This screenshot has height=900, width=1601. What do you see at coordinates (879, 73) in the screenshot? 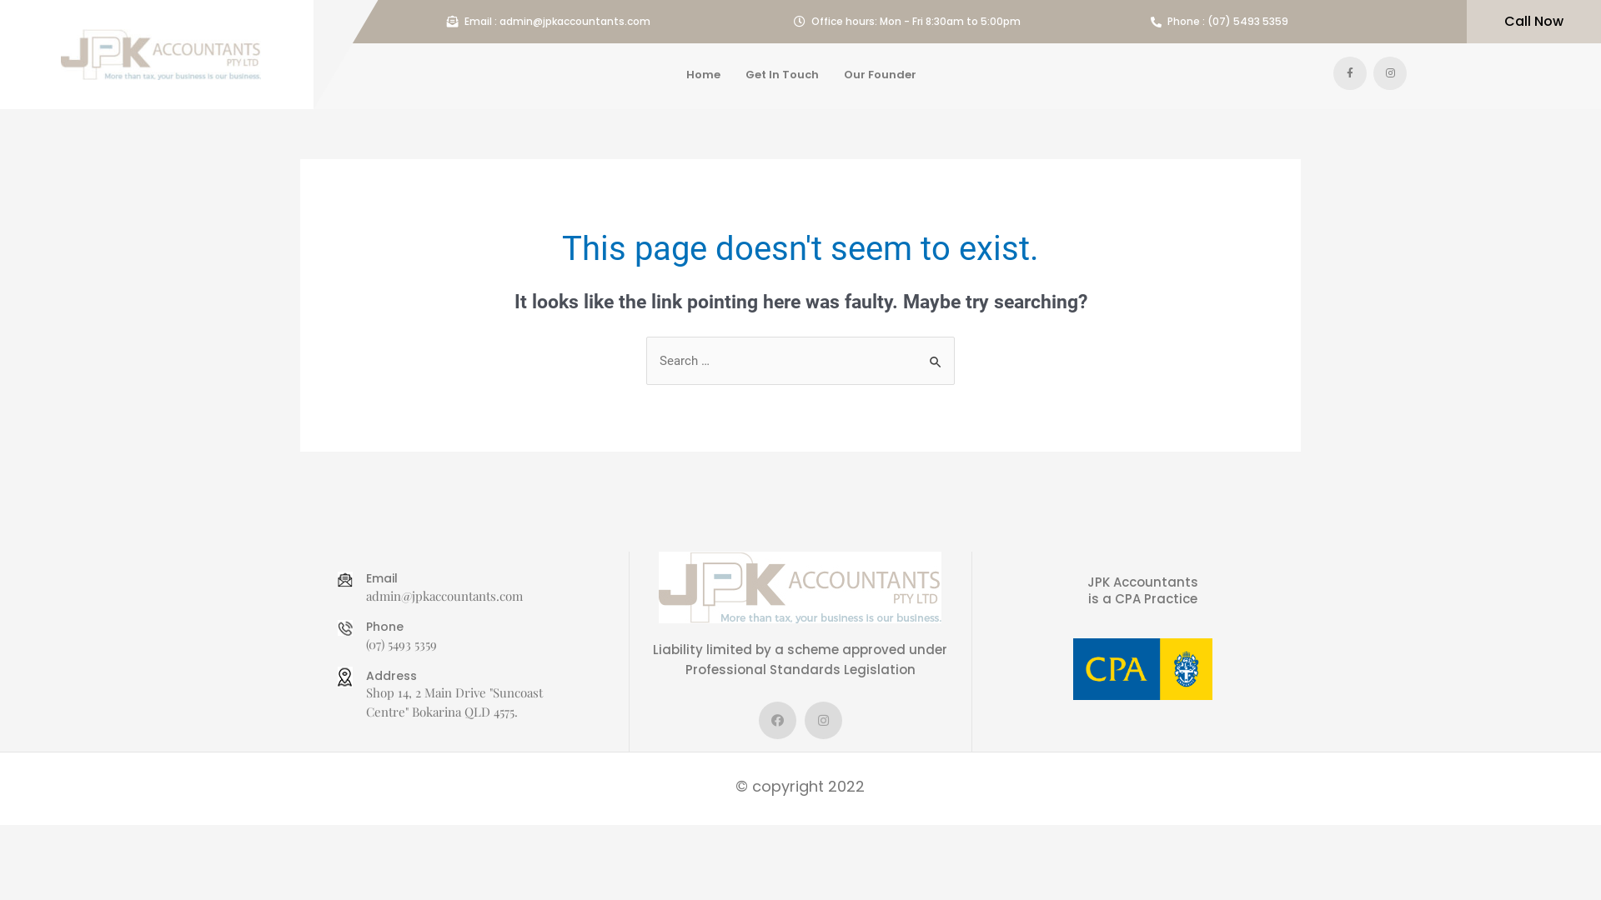
I see `'Our Founder'` at bounding box center [879, 73].